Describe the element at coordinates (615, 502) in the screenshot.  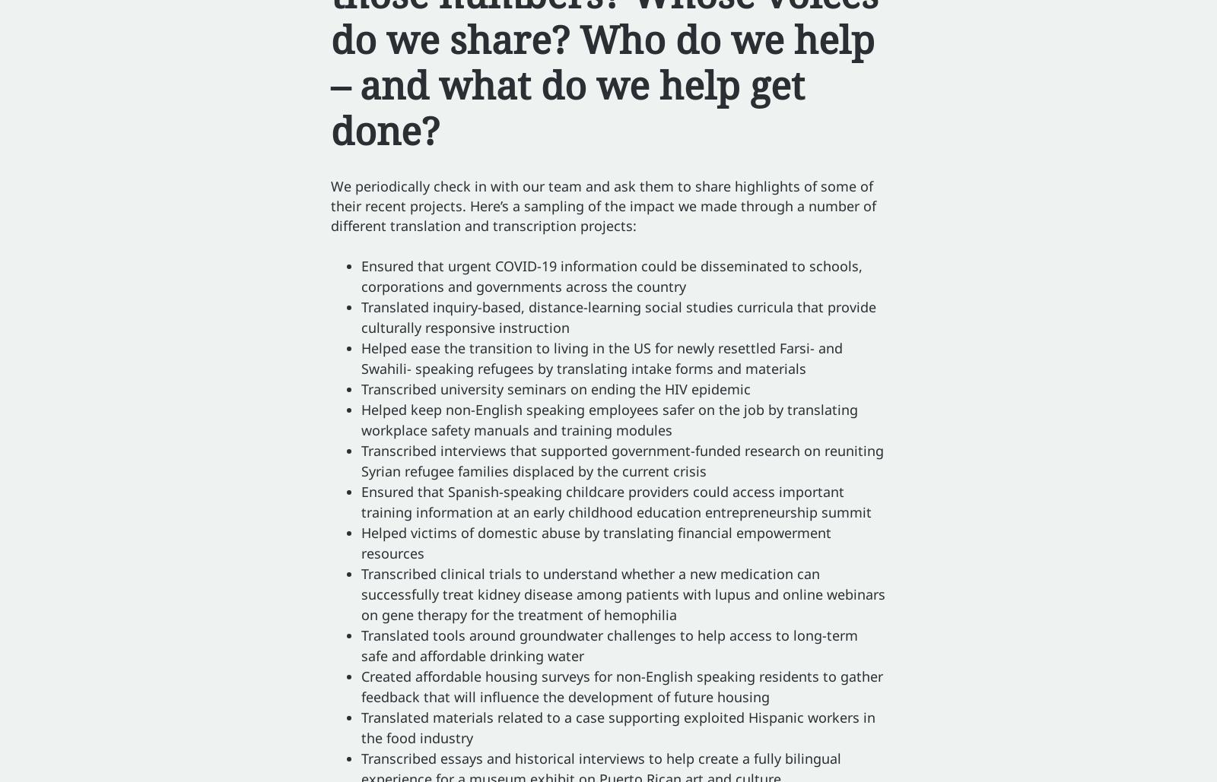
I see `'Ensured that Spanish-speaking childcare providers could access important training information at an early childhood education entrepreneurship summit'` at that location.